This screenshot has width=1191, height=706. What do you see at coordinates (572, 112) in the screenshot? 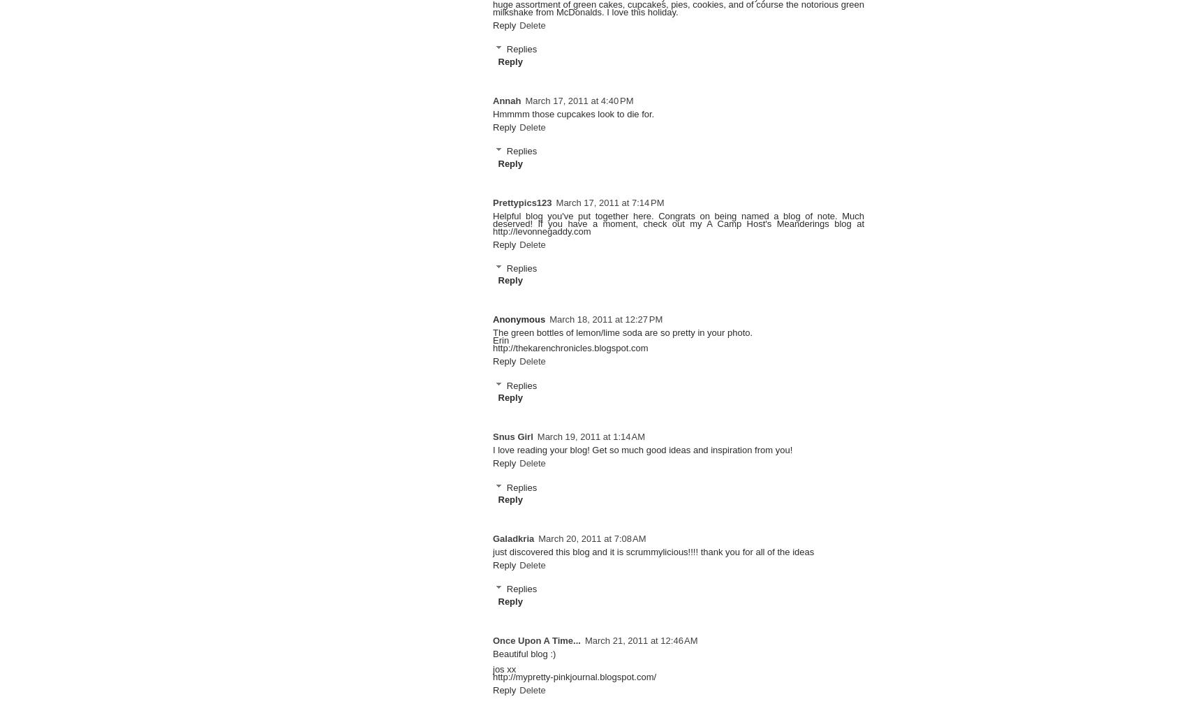
I see `'Hmmmm those cupcakes look to die for.'` at bounding box center [572, 112].